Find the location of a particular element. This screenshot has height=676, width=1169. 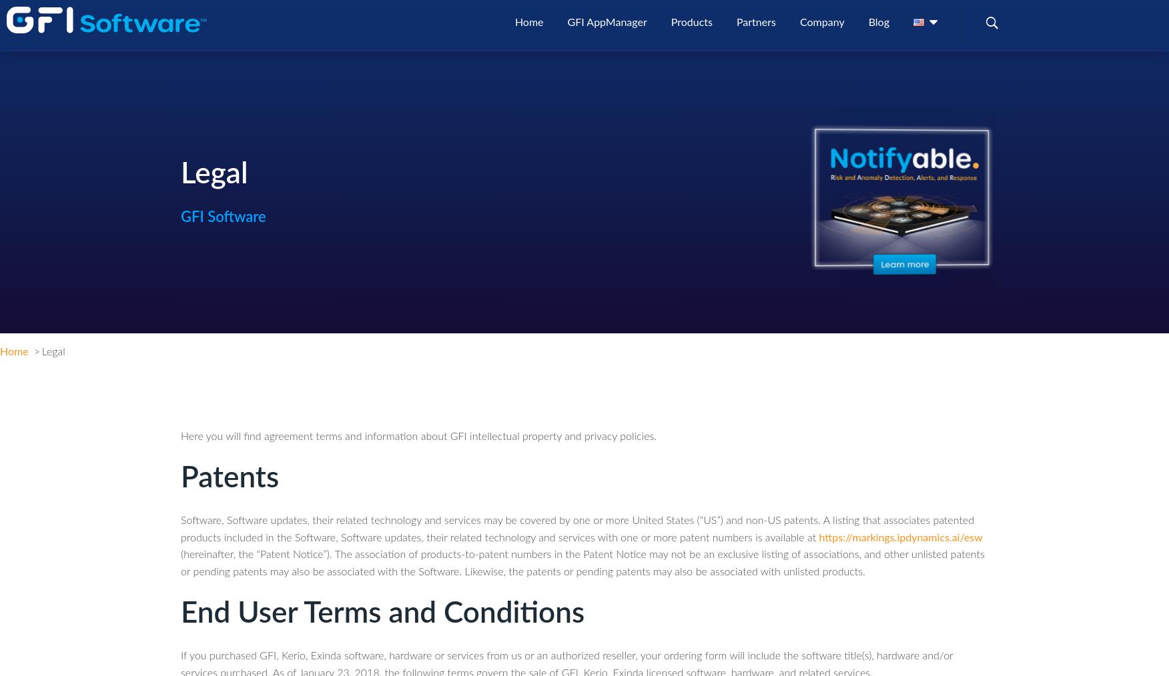

'Partners' is located at coordinates (755, 30).